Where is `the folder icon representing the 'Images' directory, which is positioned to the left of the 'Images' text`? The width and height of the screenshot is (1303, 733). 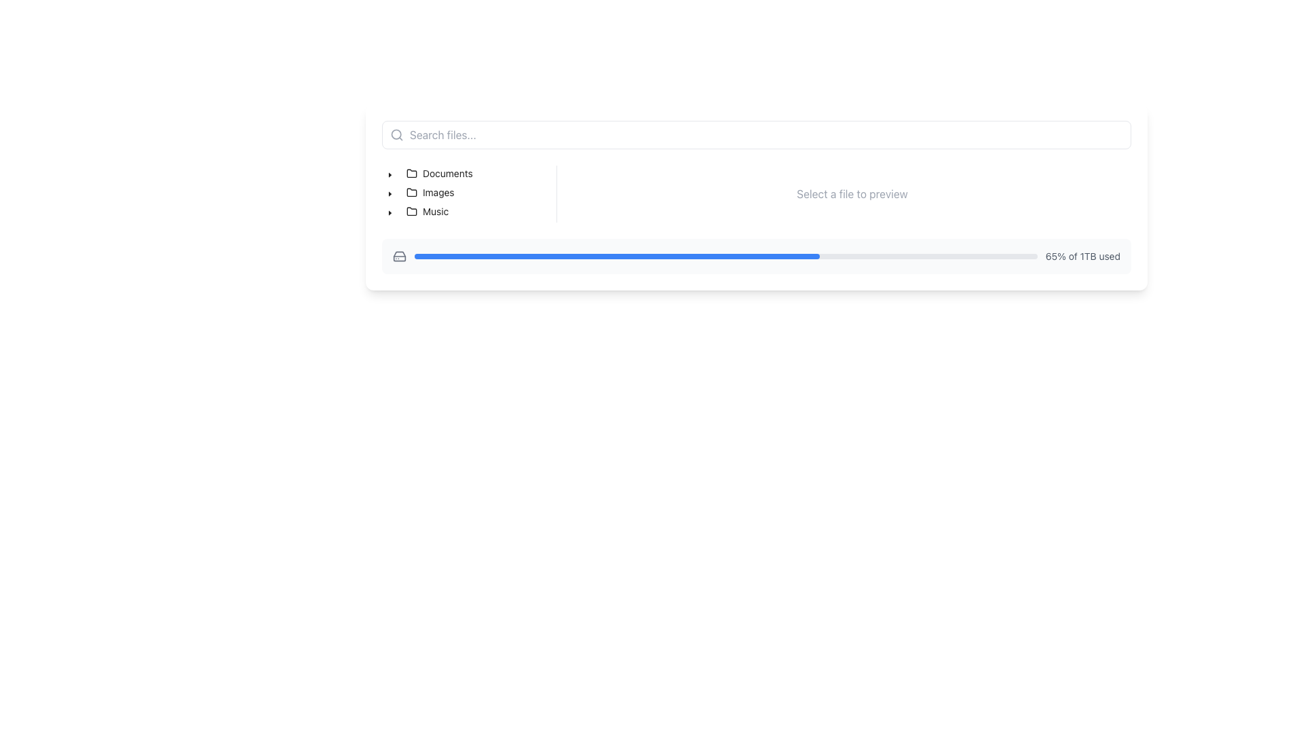
the folder icon representing the 'Images' directory, which is positioned to the left of the 'Images' text is located at coordinates (411, 191).